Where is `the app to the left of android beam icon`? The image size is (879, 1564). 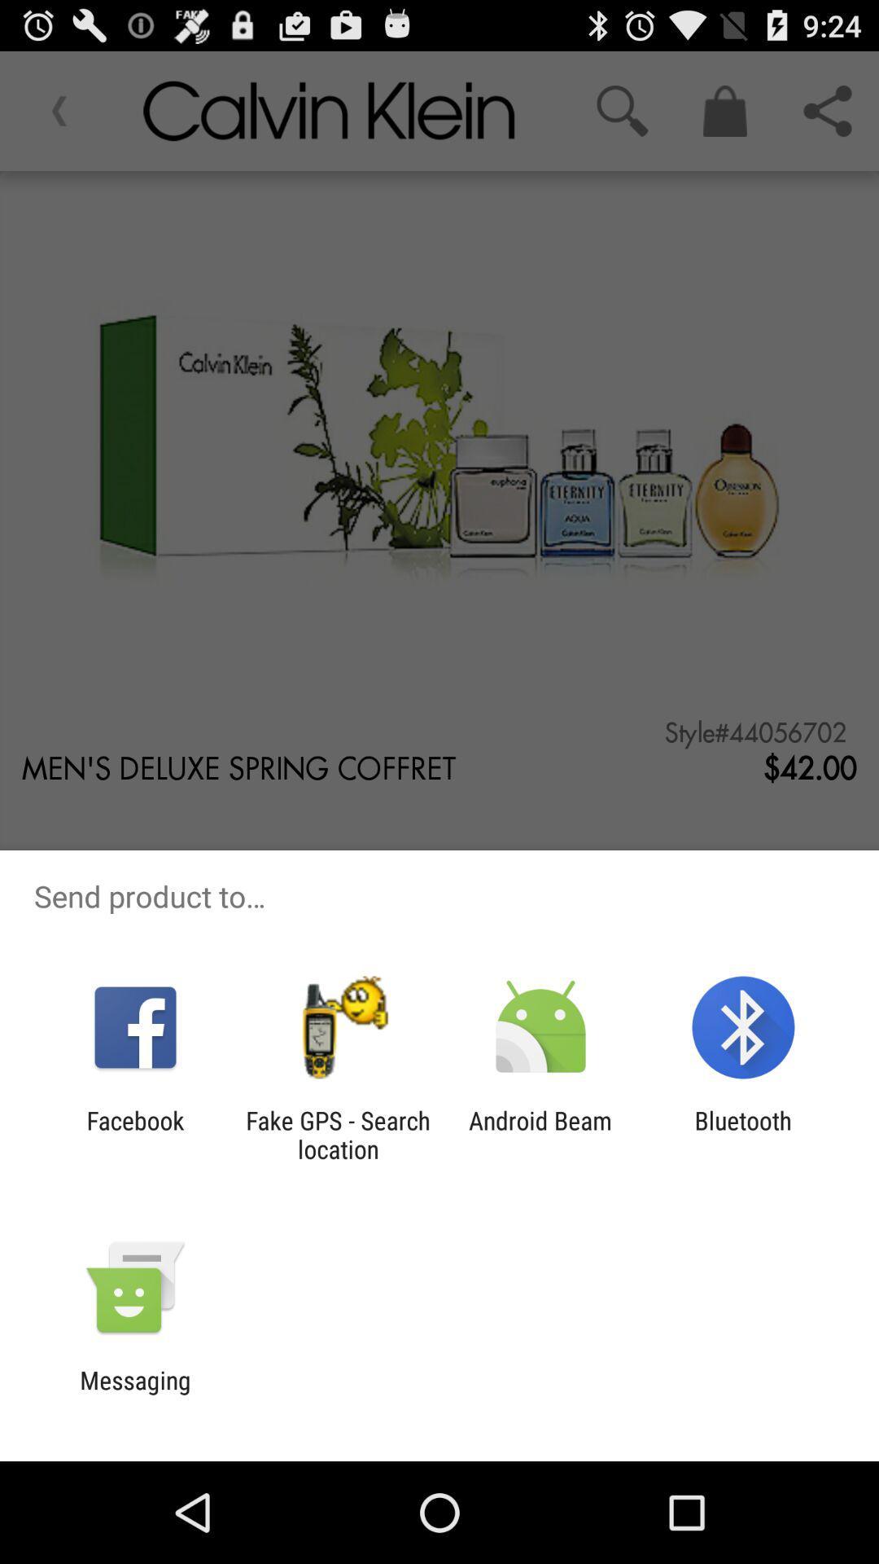
the app to the left of android beam icon is located at coordinates (337, 1134).